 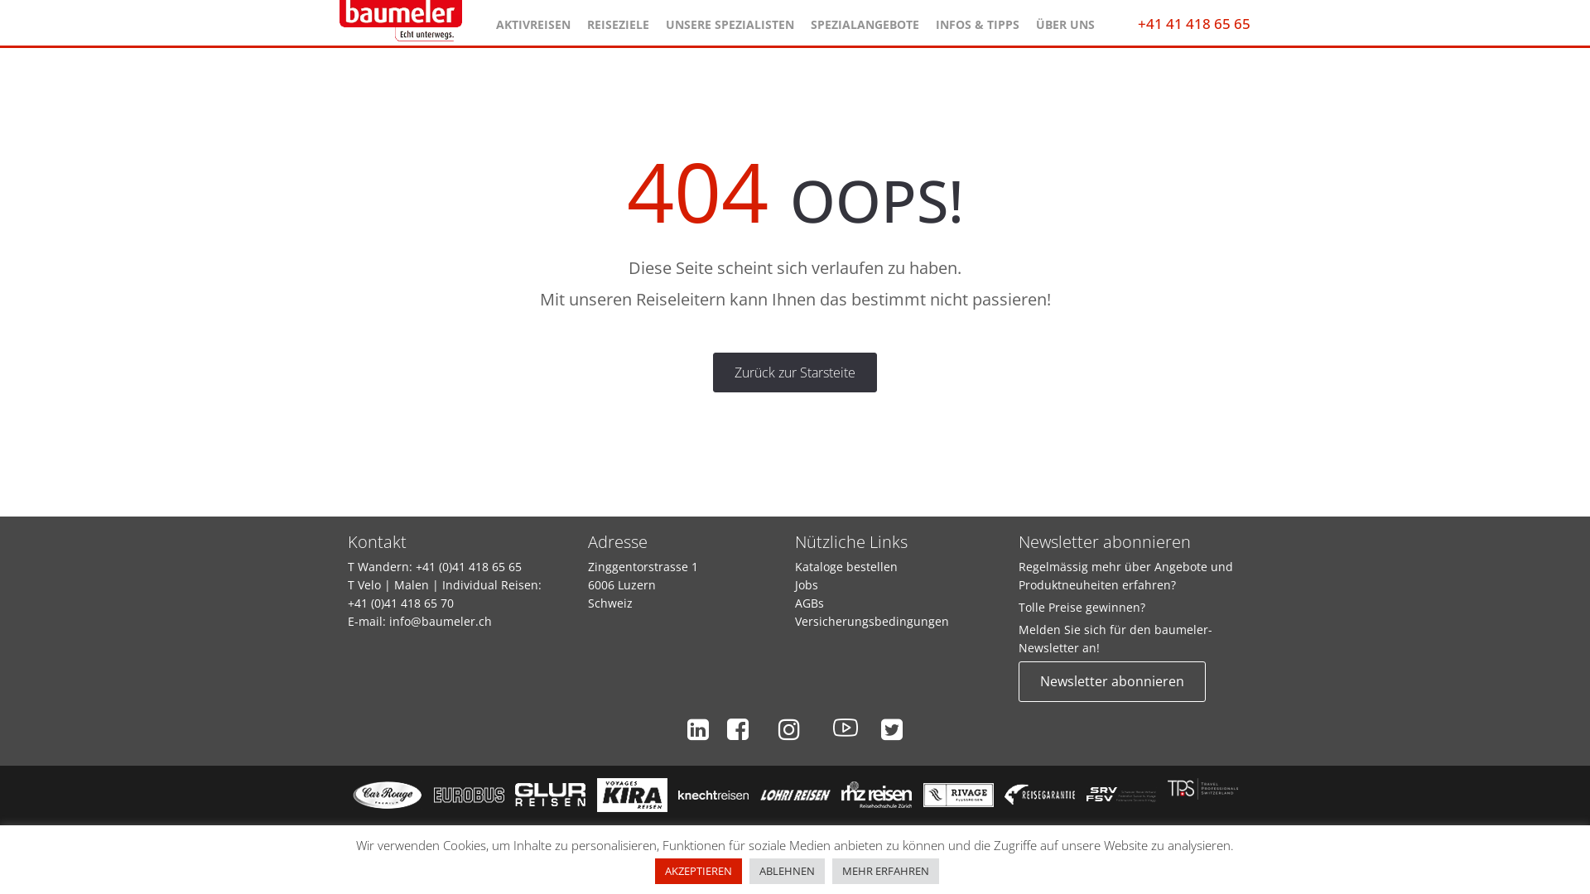 What do you see at coordinates (795, 565) in the screenshot?
I see `'Kataloge bestellen'` at bounding box center [795, 565].